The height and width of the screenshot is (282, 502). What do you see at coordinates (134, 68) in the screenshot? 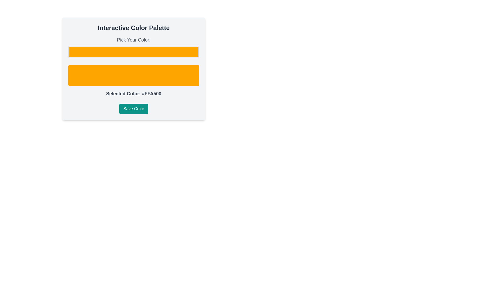
I see `the Color Preview Box located within the 'Interactive Color Palette' panel, which visually previews the color selected by the user` at bounding box center [134, 68].